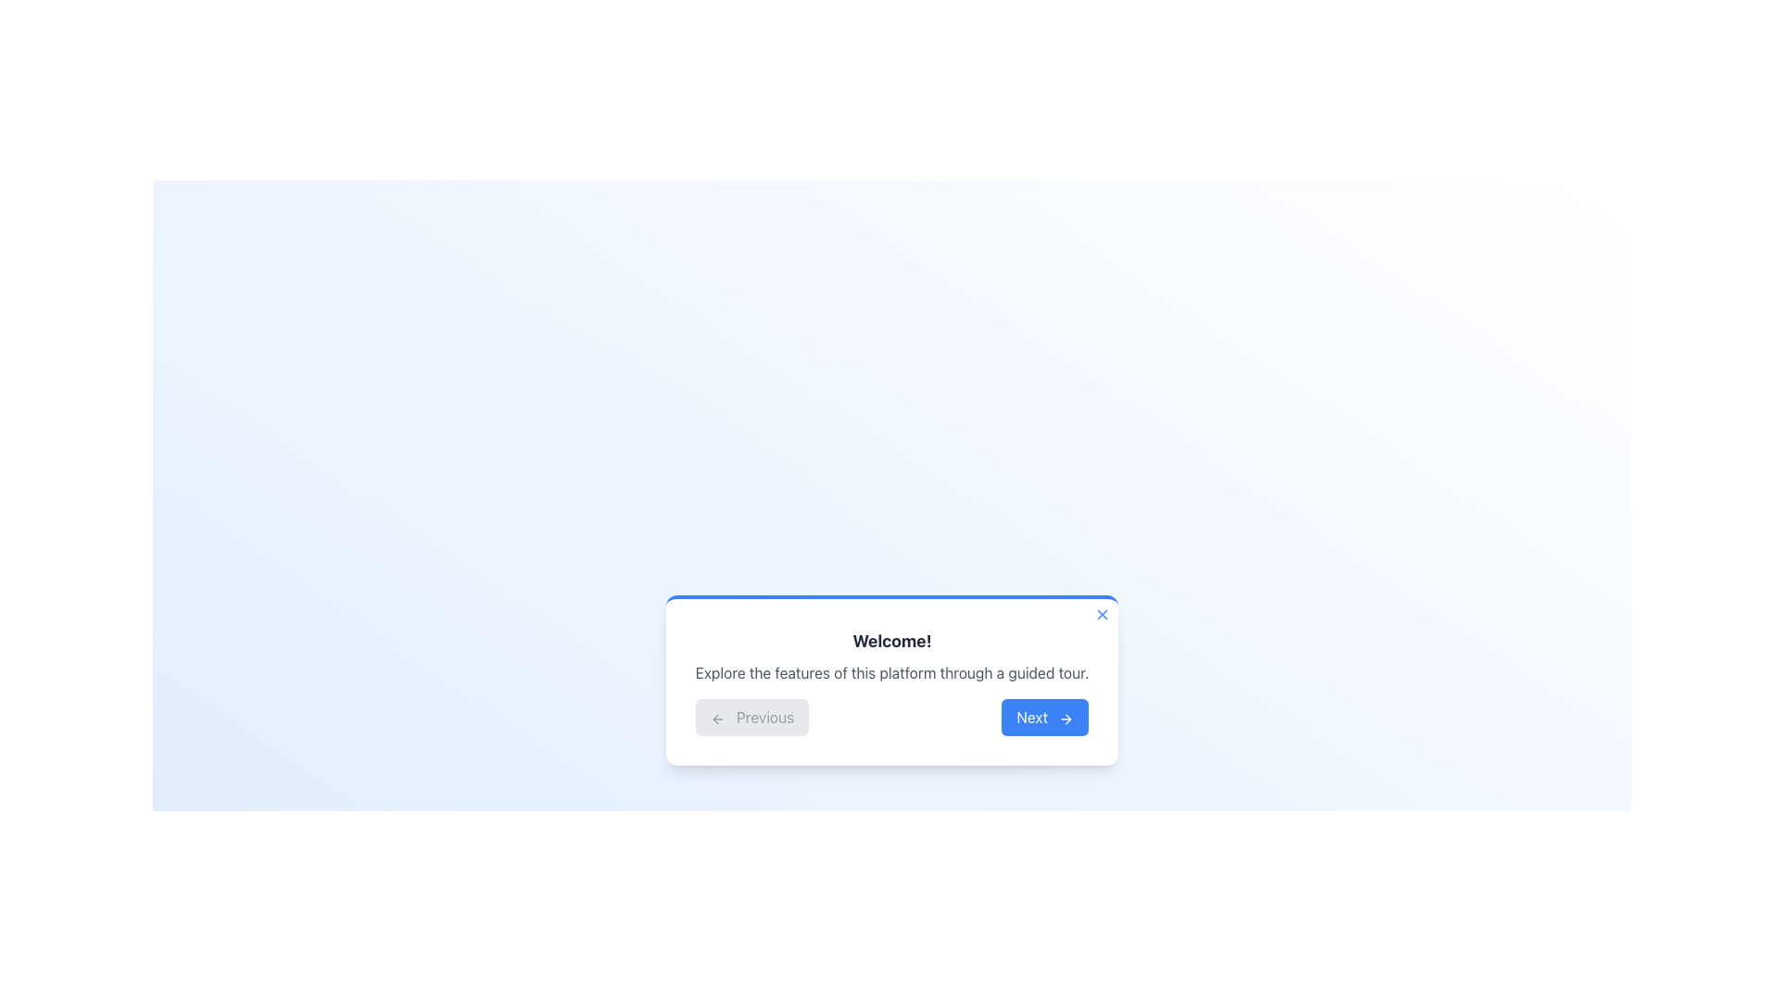 The height and width of the screenshot is (1000, 1779). Describe the element at coordinates (1068, 718) in the screenshot. I see `the rightward-pointing arrow icon located within the blue 'Next' button at the bottom-right side of the dialog` at that location.